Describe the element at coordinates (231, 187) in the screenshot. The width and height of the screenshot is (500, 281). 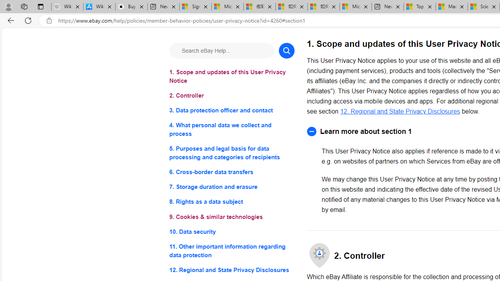
I see `'7. Storage duration and erasure'` at that location.